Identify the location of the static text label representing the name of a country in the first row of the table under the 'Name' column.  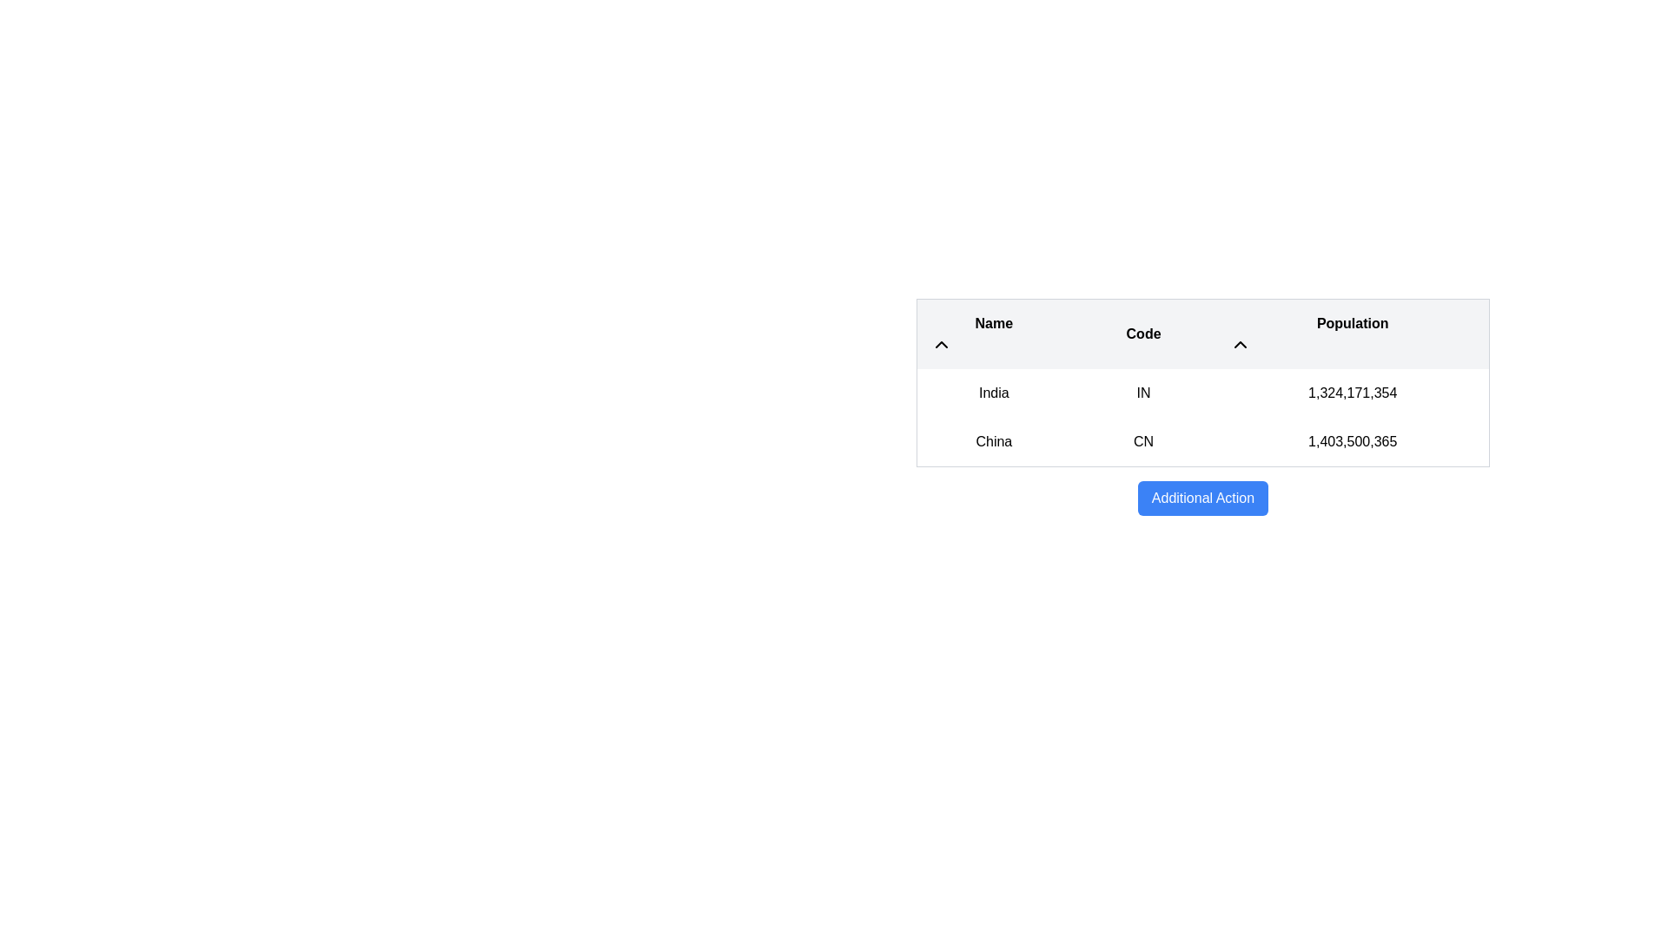
(994, 393).